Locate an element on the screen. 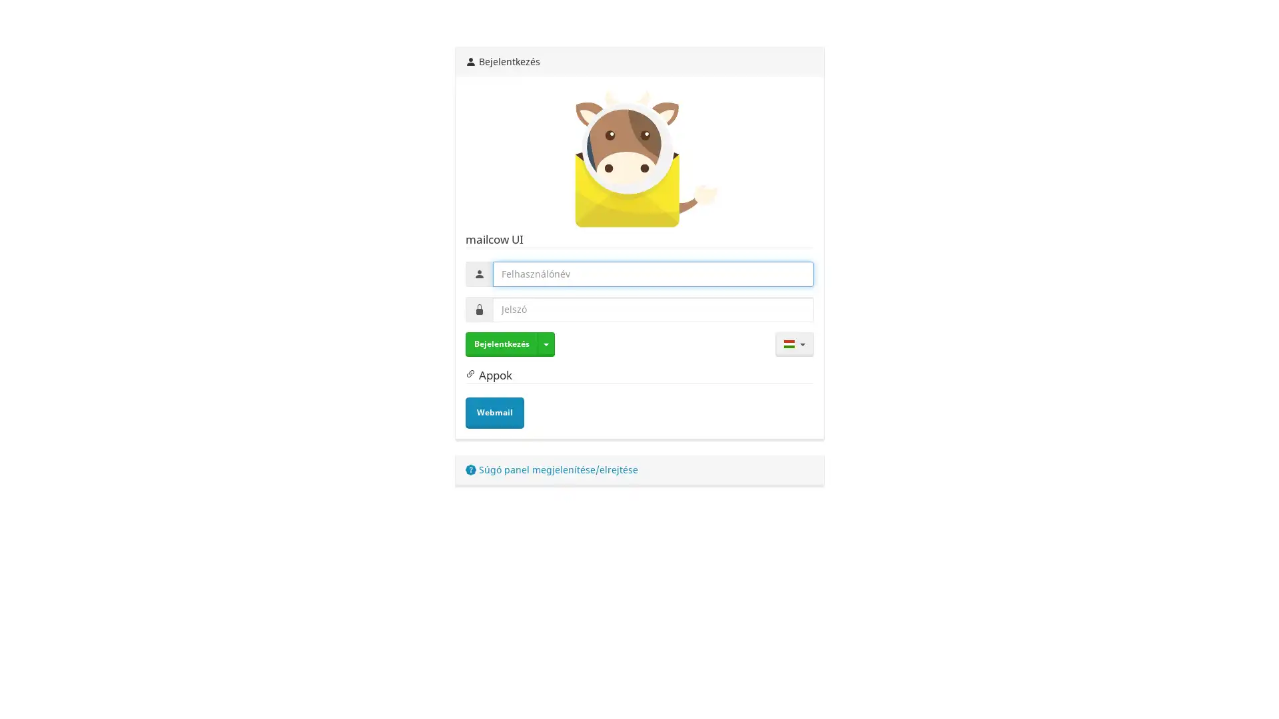 The height and width of the screenshot is (719, 1279). Webmail is located at coordinates (494, 412).